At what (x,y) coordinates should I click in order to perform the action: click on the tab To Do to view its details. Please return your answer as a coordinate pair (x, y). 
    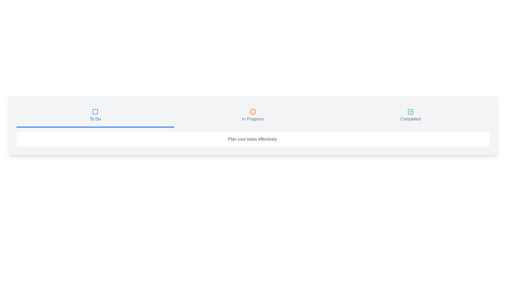
    Looking at the image, I should click on (95, 116).